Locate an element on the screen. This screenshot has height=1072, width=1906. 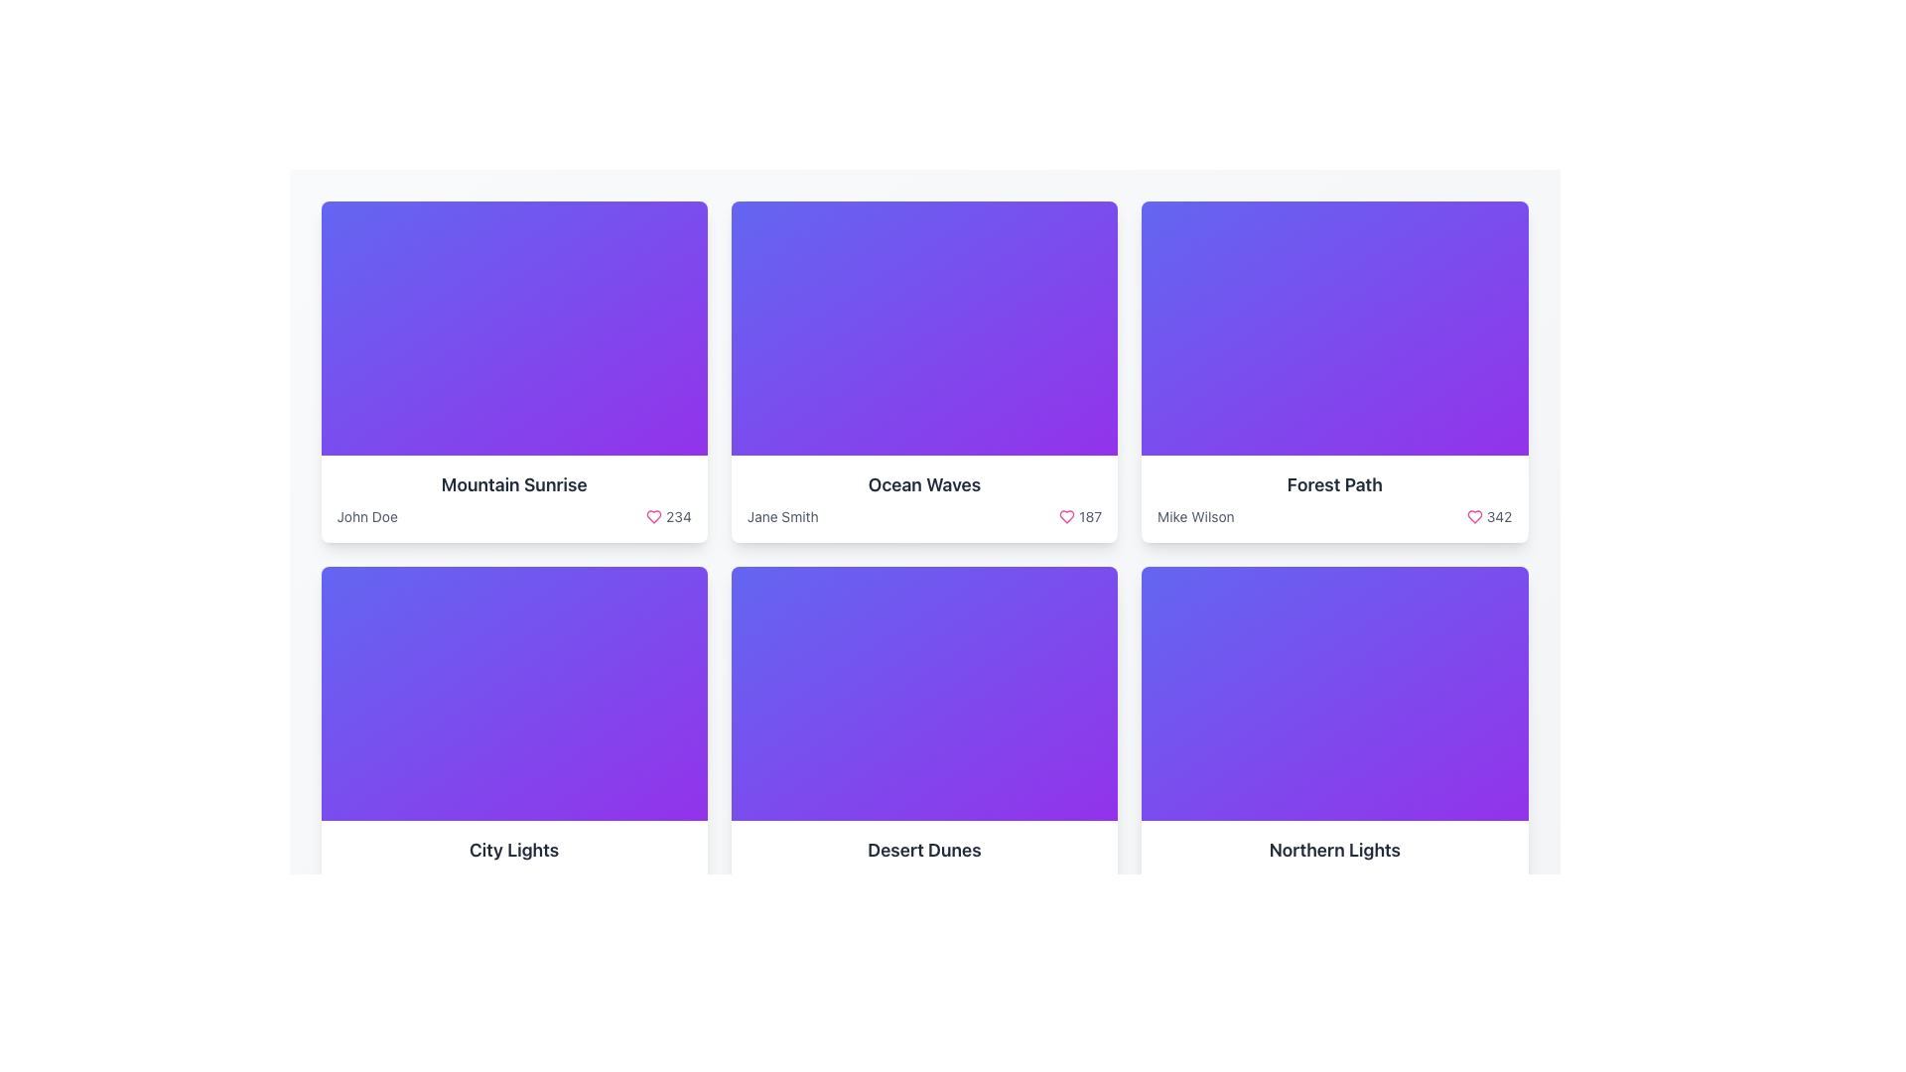
the card is located at coordinates (1334, 849).